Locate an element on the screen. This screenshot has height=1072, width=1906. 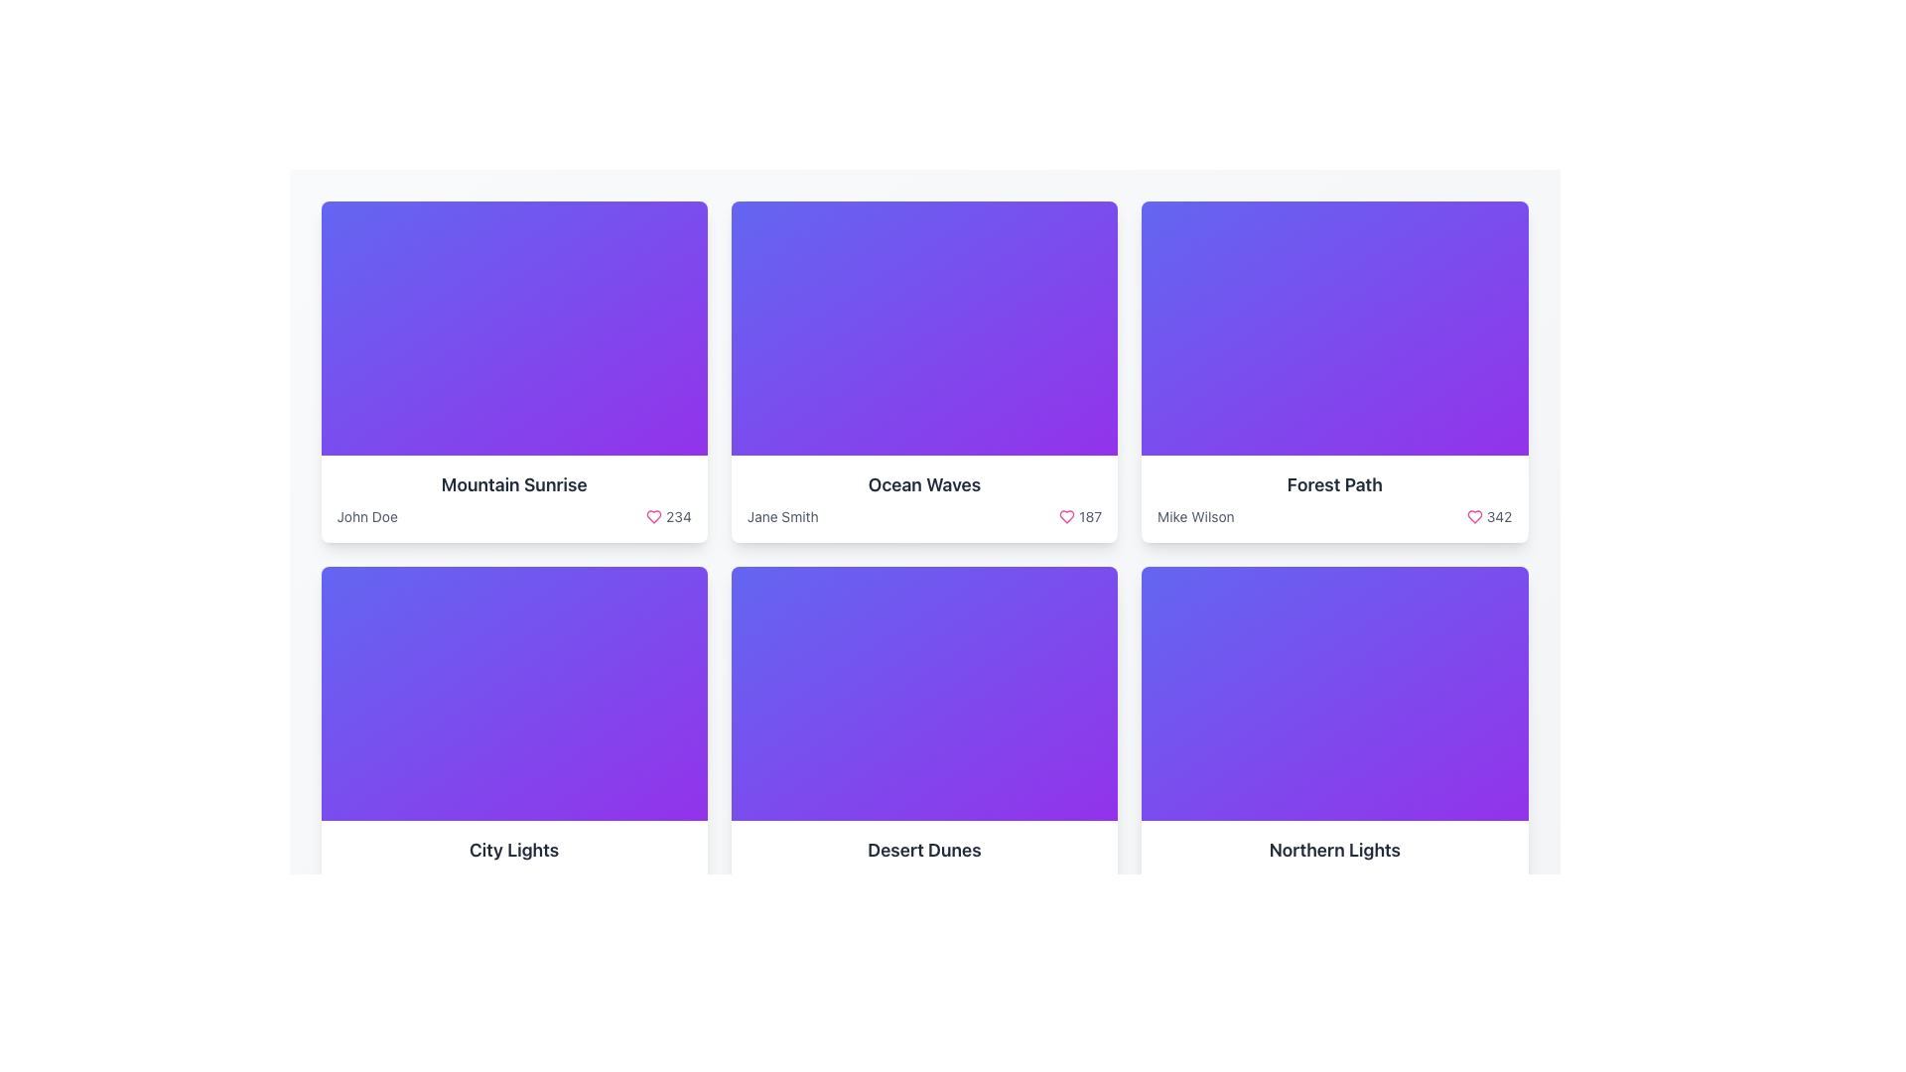
the card is located at coordinates (1334, 849).